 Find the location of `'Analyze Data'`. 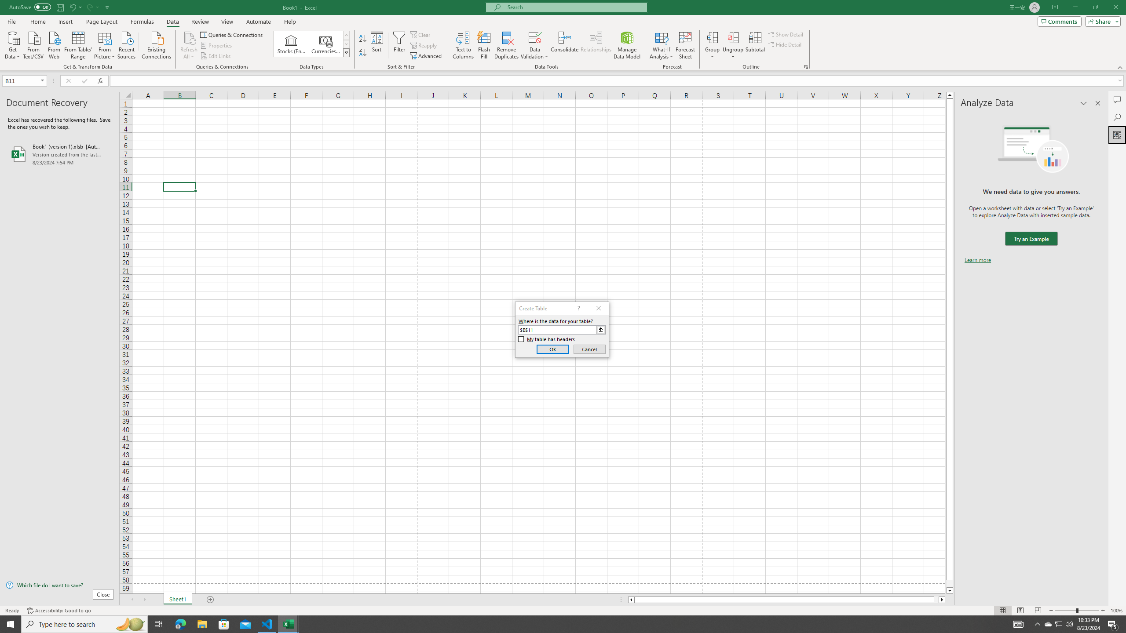

'Analyze Data' is located at coordinates (1117, 135).